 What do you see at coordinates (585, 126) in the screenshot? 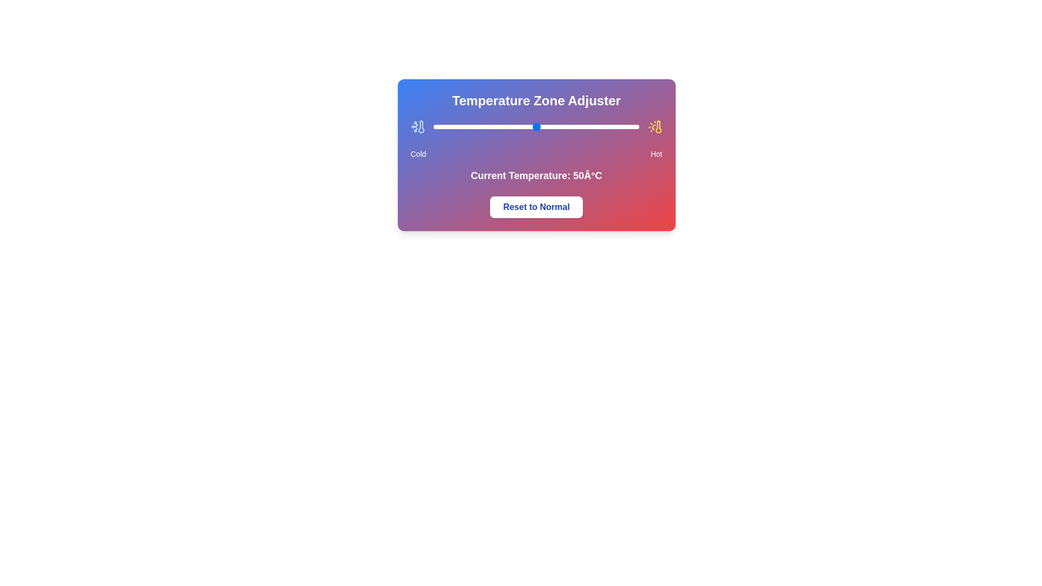
I see `the temperature to 74°C by moving the slider` at bounding box center [585, 126].